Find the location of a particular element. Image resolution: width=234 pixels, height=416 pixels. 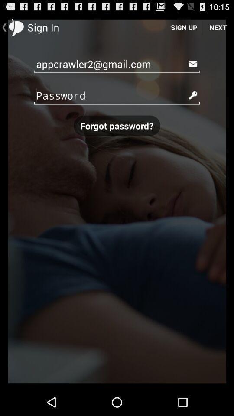

forgot password? item is located at coordinates (117, 125).